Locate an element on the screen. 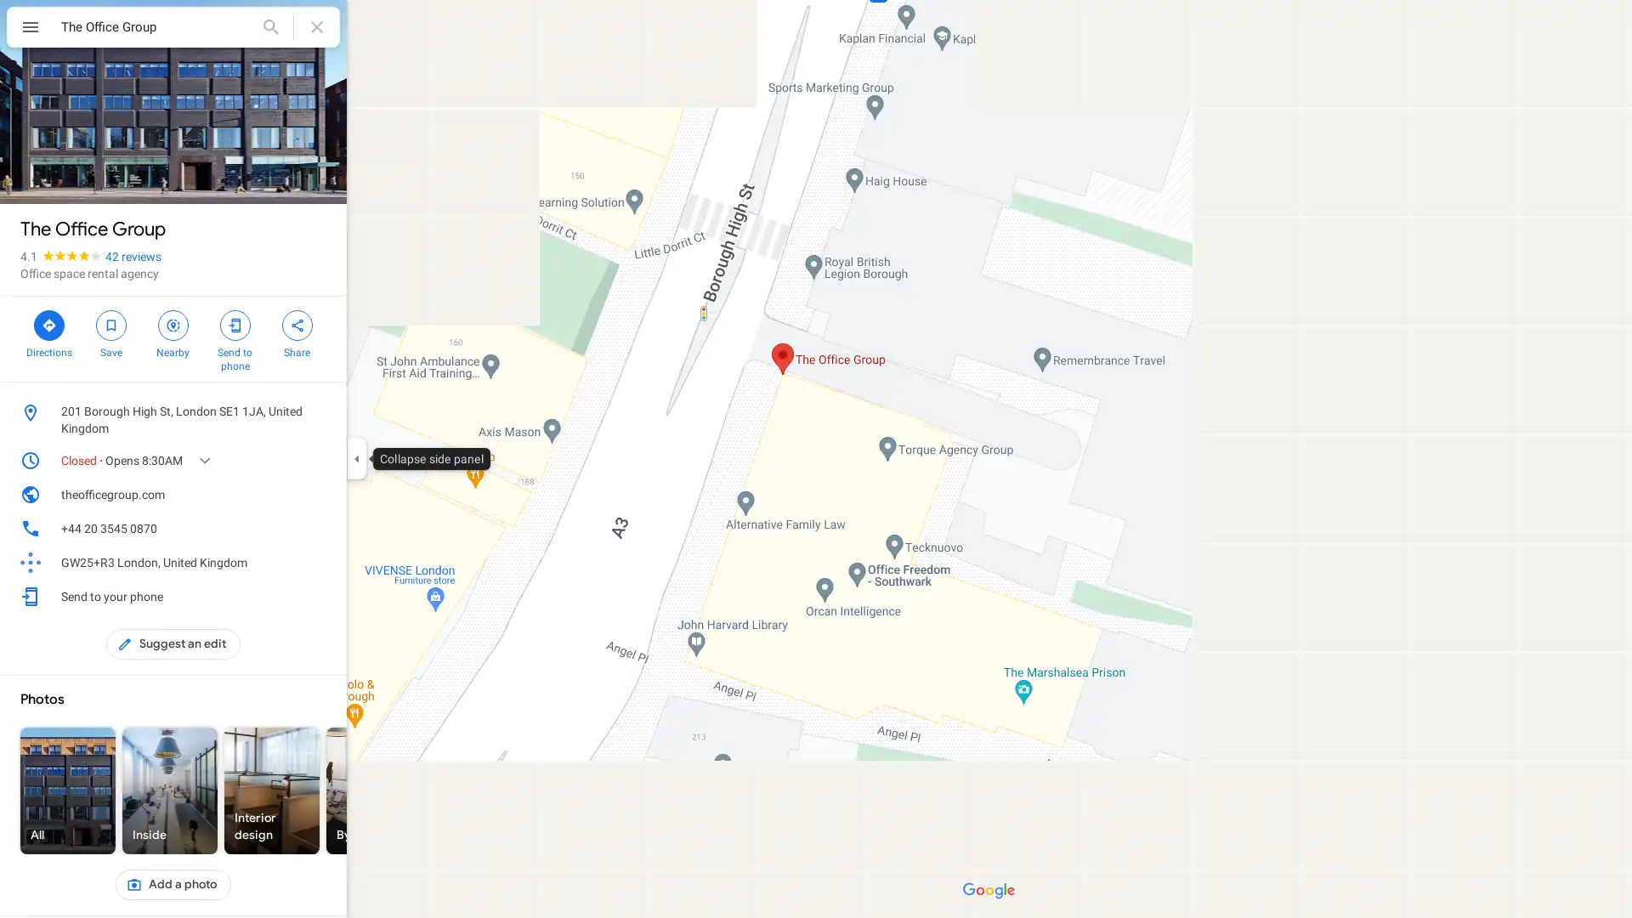 The image size is (1632, 918). Send The Office Group to your phone is located at coordinates (234, 338).